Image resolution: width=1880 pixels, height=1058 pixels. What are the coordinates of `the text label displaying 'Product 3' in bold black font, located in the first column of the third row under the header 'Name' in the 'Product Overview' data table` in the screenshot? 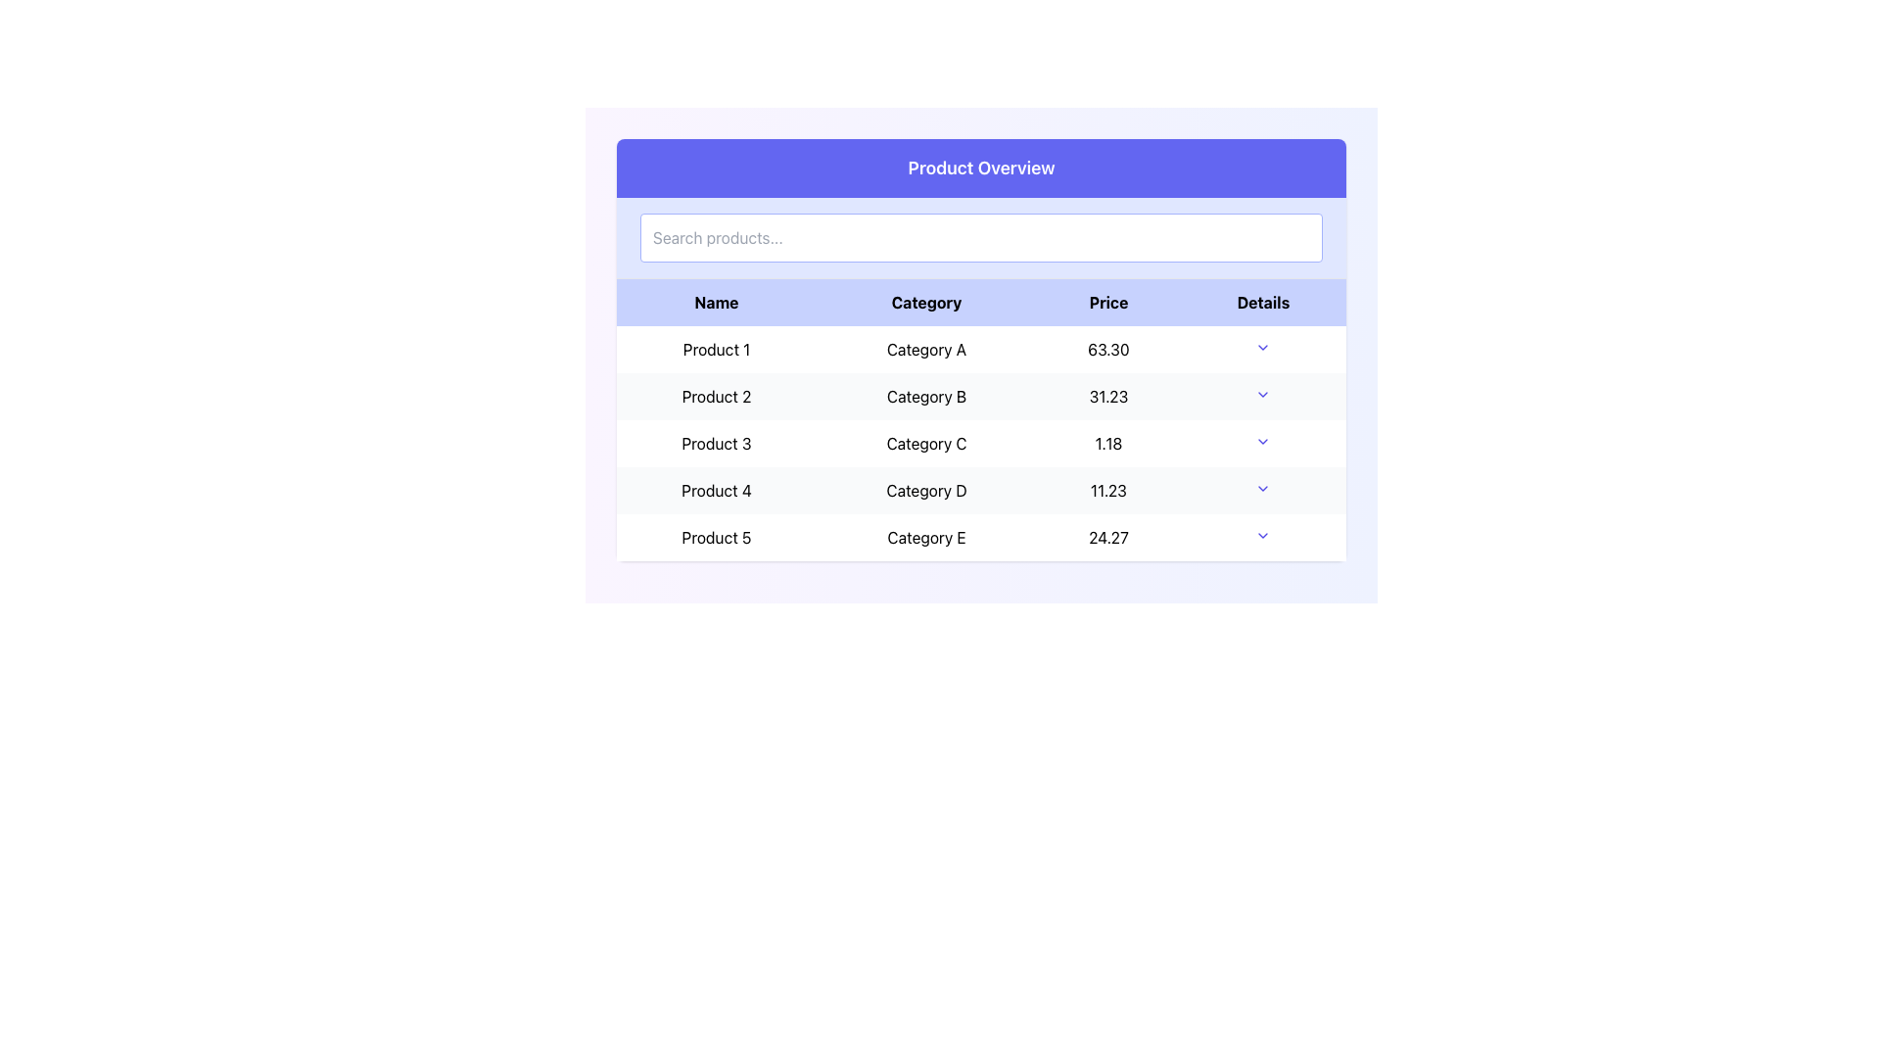 It's located at (716, 443).